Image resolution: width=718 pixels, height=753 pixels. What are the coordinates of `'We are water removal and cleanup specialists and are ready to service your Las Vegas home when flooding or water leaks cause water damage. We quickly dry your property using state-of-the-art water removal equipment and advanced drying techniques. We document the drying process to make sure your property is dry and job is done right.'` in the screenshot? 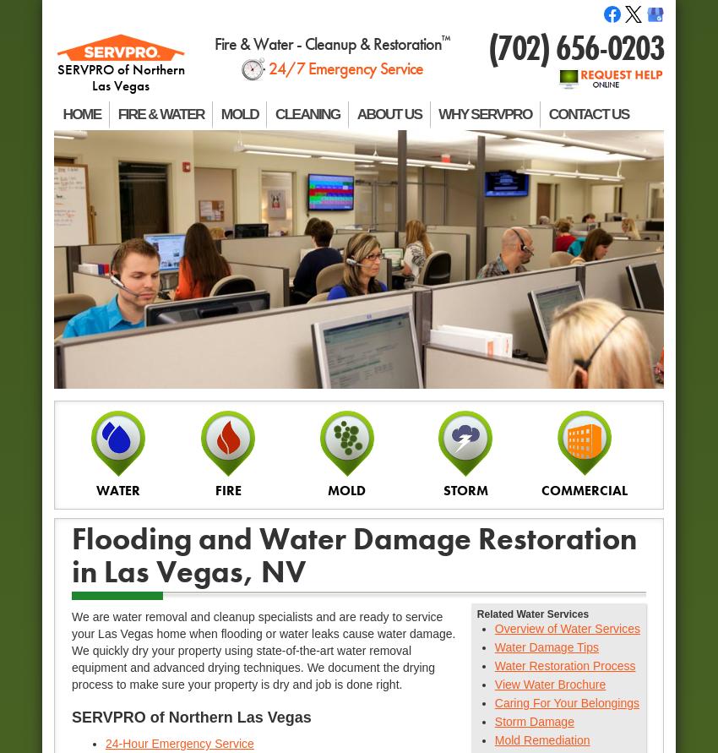 It's located at (264, 651).